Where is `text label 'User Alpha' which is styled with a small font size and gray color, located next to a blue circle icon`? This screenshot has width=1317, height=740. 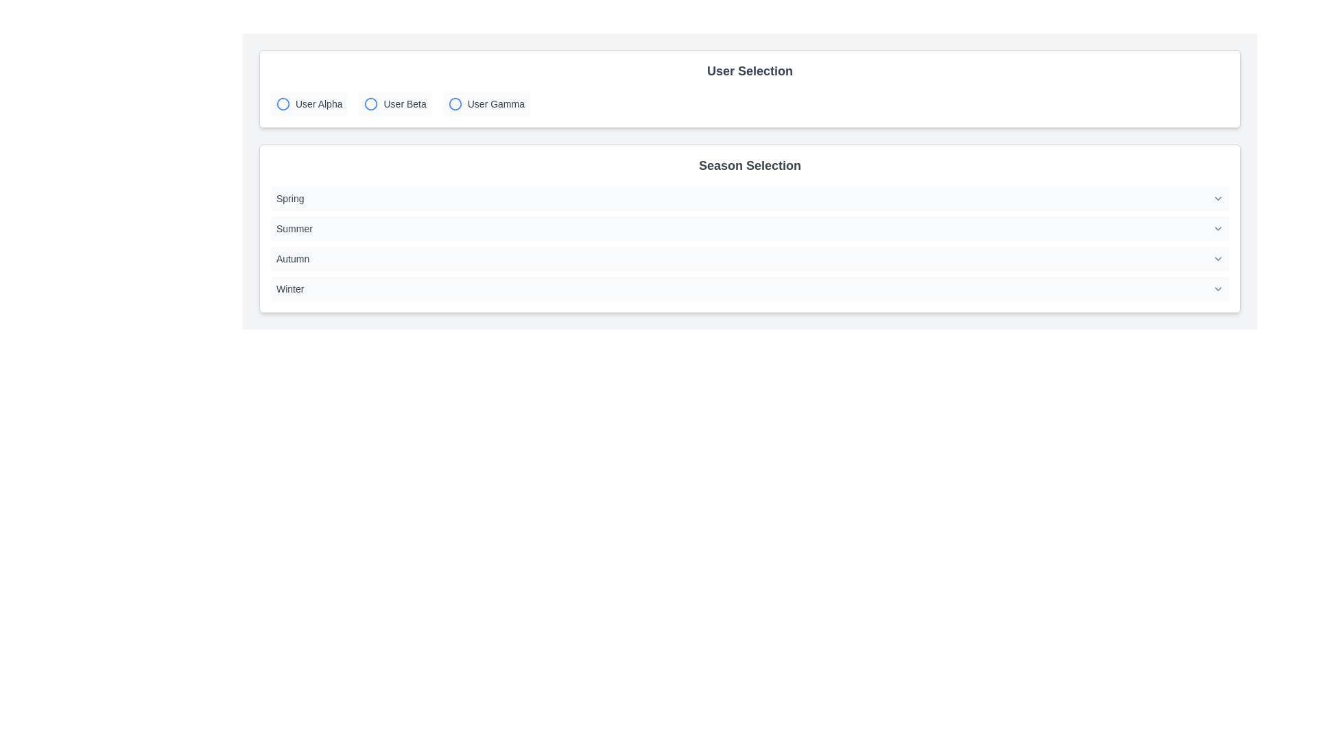 text label 'User Alpha' which is styled with a small font size and gray color, located next to a blue circle icon is located at coordinates (318, 103).